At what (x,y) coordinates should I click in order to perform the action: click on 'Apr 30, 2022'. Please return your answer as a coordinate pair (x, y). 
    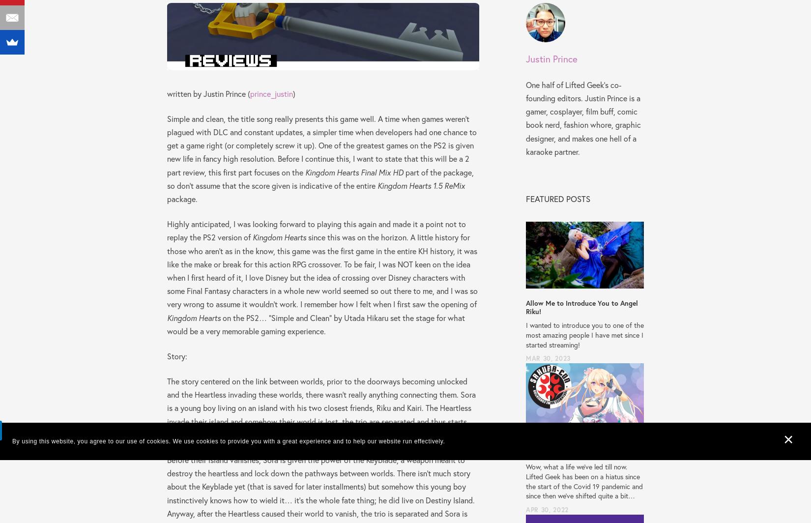
    Looking at the image, I should click on (547, 509).